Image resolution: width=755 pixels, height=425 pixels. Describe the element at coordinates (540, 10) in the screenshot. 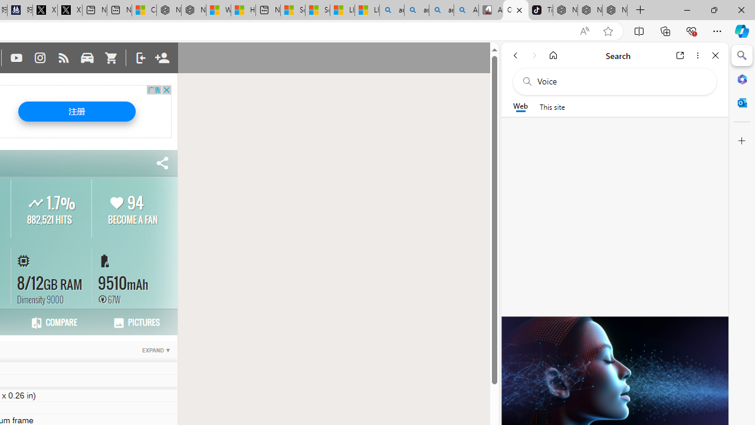

I see `'TikTok'` at that location.